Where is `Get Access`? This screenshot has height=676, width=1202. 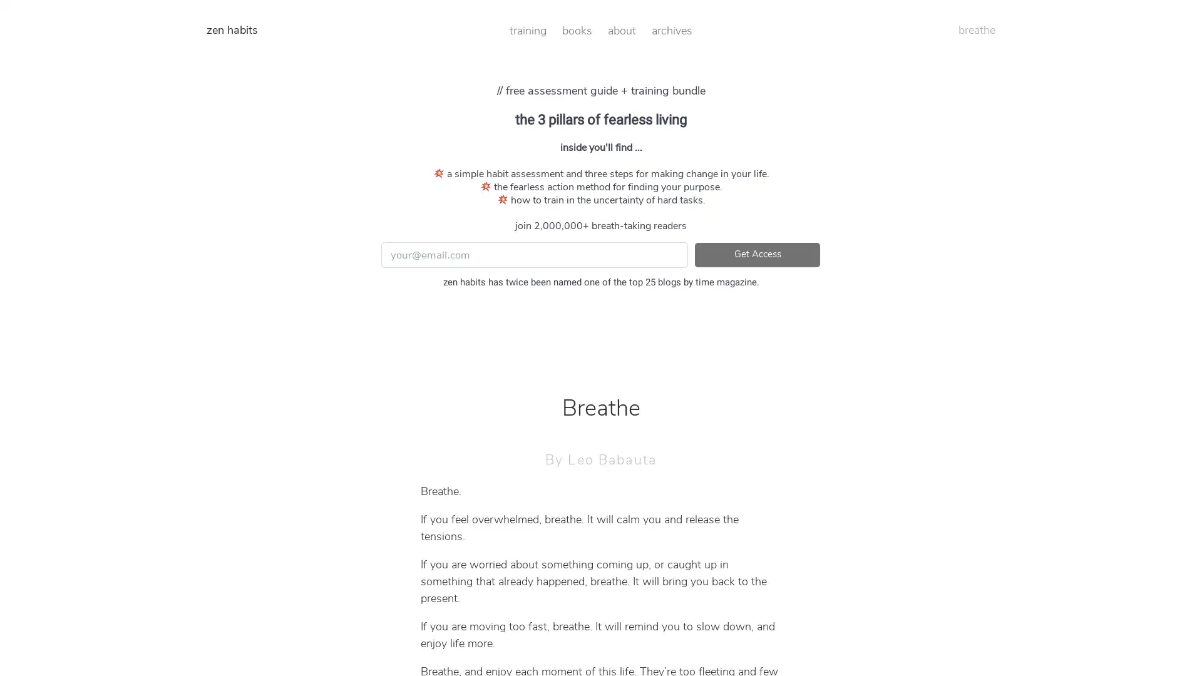 Get Access is located at coordinates (756, 254).